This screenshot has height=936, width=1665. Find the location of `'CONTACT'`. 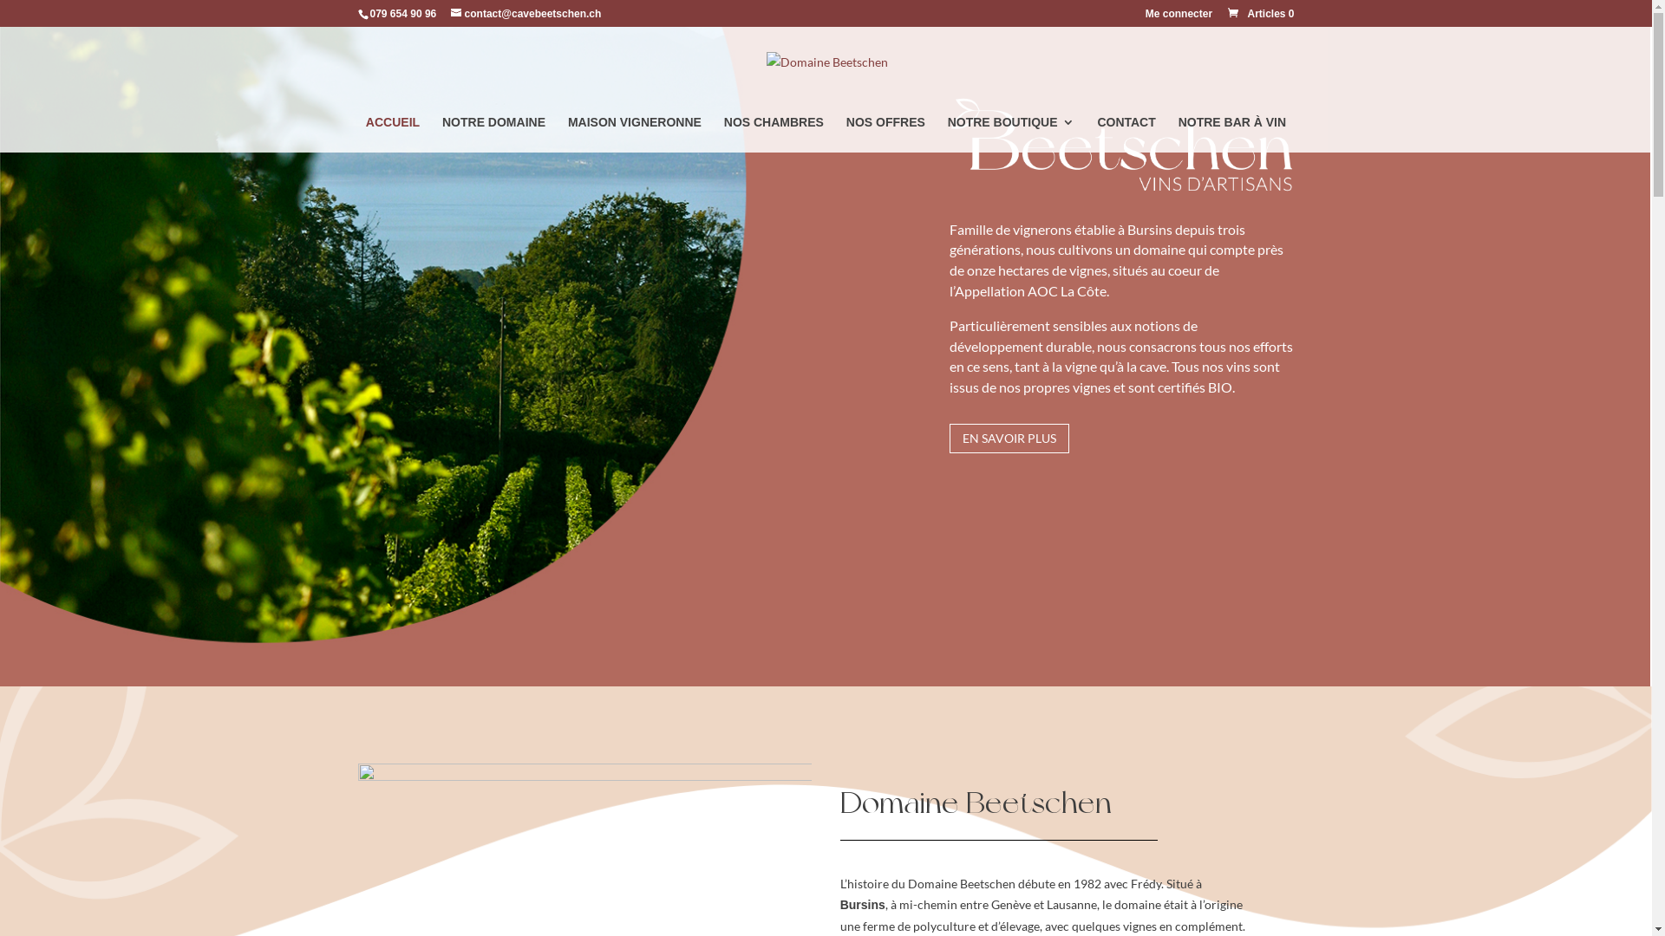

'CONTACT' is located at coordinates (1096, 133).